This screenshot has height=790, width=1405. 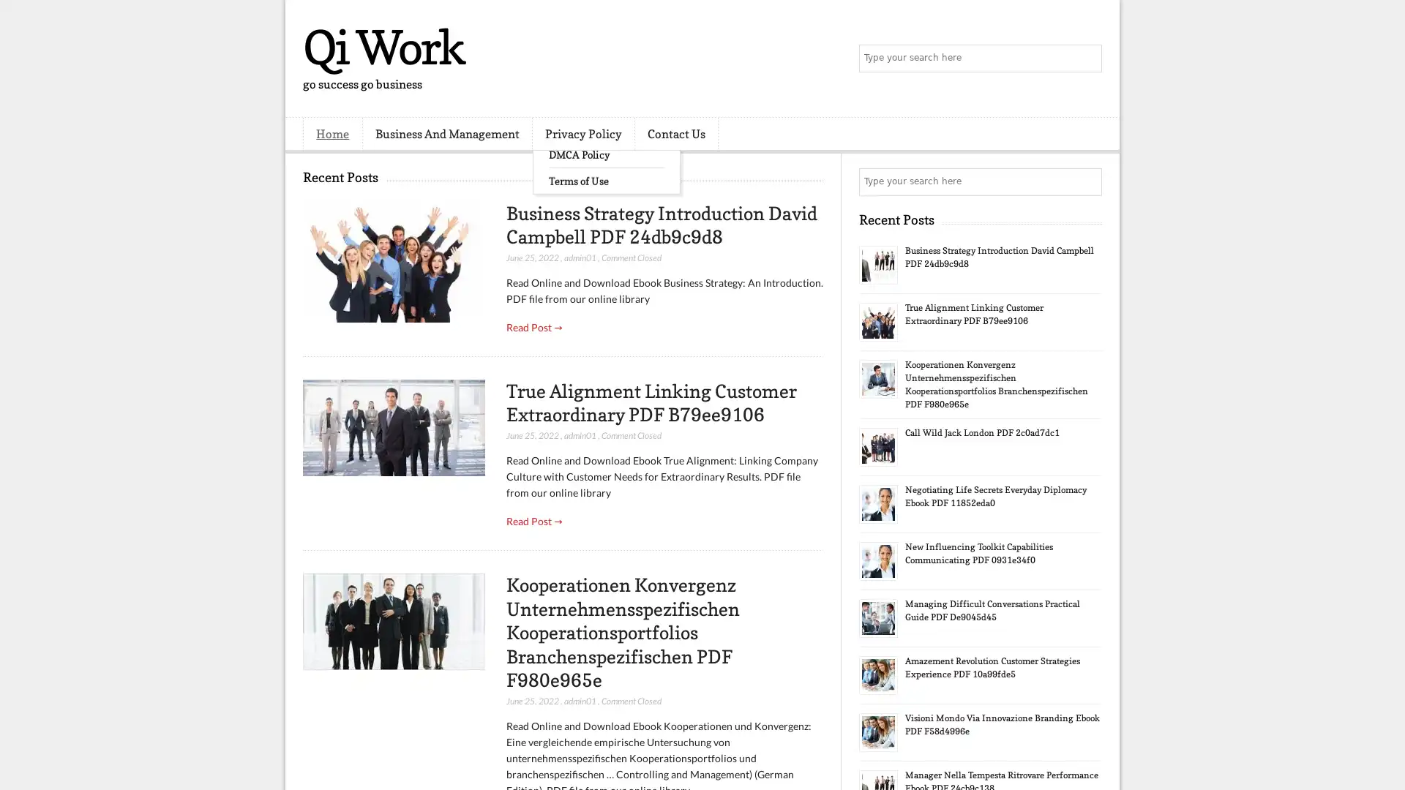 I want to click on Search, so click(x=1087, y=59).